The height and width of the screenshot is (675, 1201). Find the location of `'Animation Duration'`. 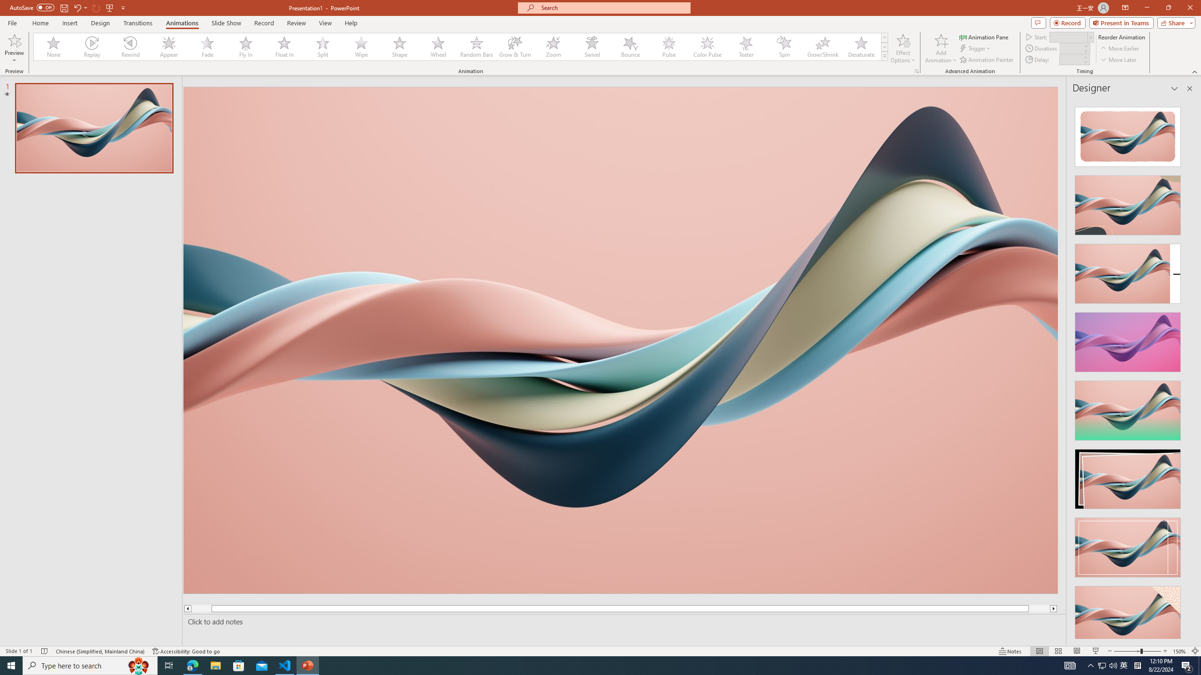

'Animation Duration' is located at coordinates (1071, 48).